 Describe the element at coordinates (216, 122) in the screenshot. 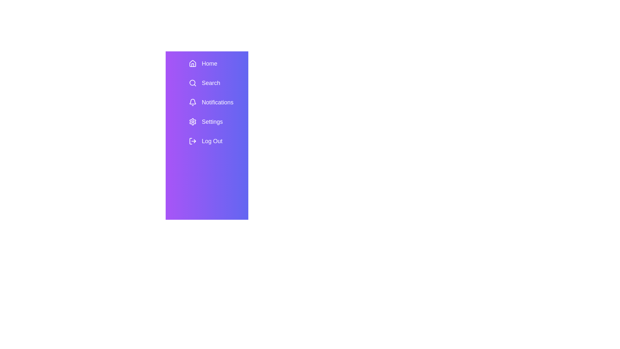

I see `the menu item Settings to view its hover effect` at that location.